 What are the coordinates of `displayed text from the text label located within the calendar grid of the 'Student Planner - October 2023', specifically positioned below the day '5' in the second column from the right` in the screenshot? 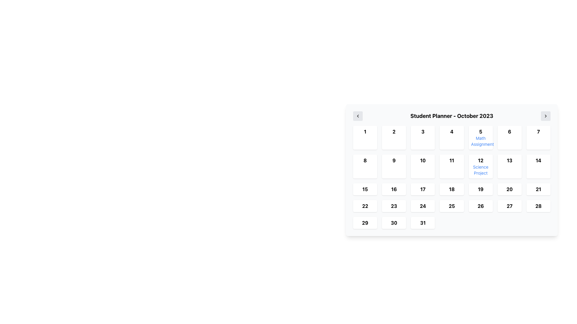 It's located at (480, 141).